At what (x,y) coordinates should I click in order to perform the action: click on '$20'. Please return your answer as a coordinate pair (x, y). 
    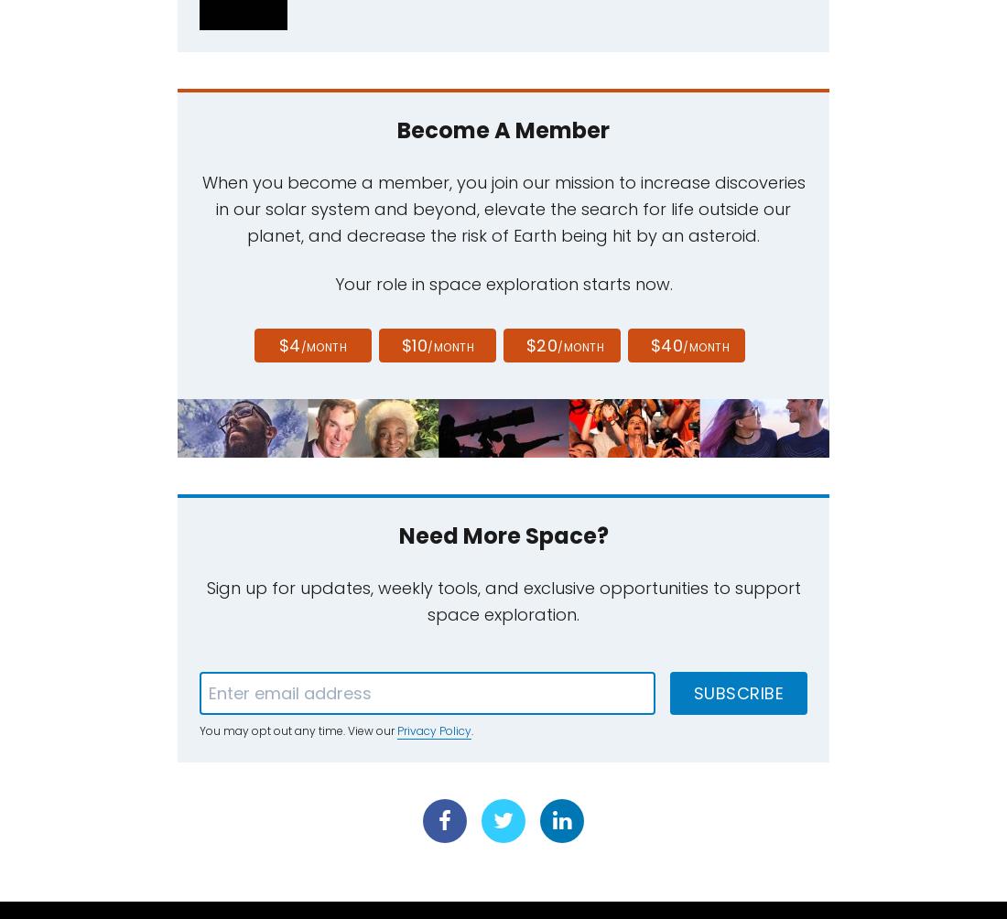
    Looking at the image, I should click on (525, 344).